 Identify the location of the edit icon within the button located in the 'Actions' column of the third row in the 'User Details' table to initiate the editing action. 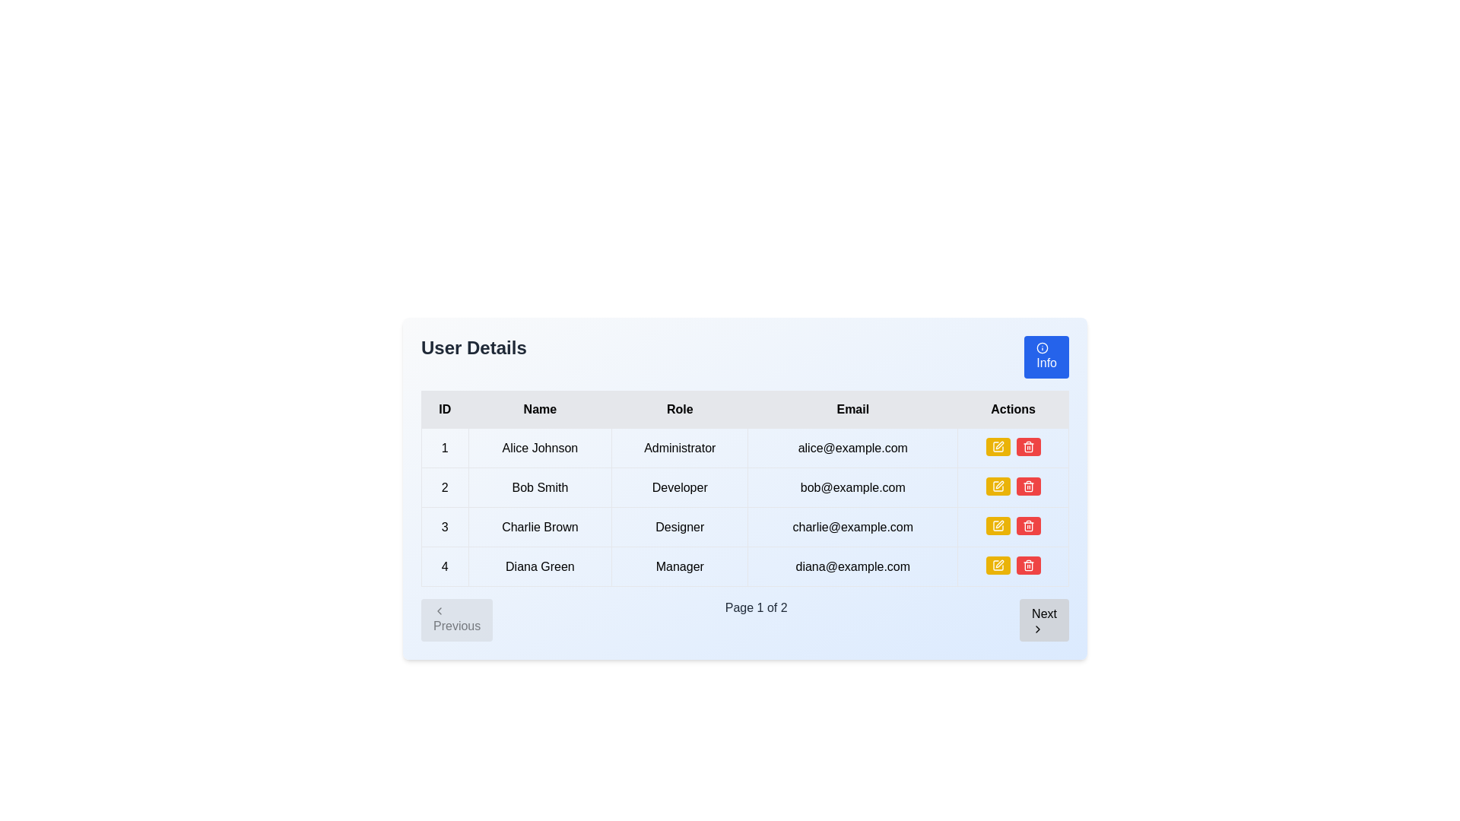
(998, 445).